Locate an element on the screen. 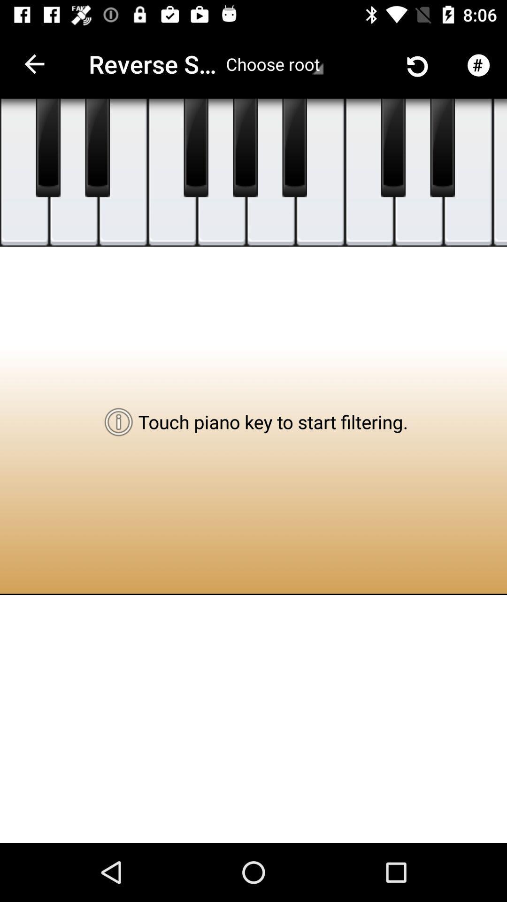 This screenshot has width=507, height=902. item below choose root is located at coordinates (294, 148).